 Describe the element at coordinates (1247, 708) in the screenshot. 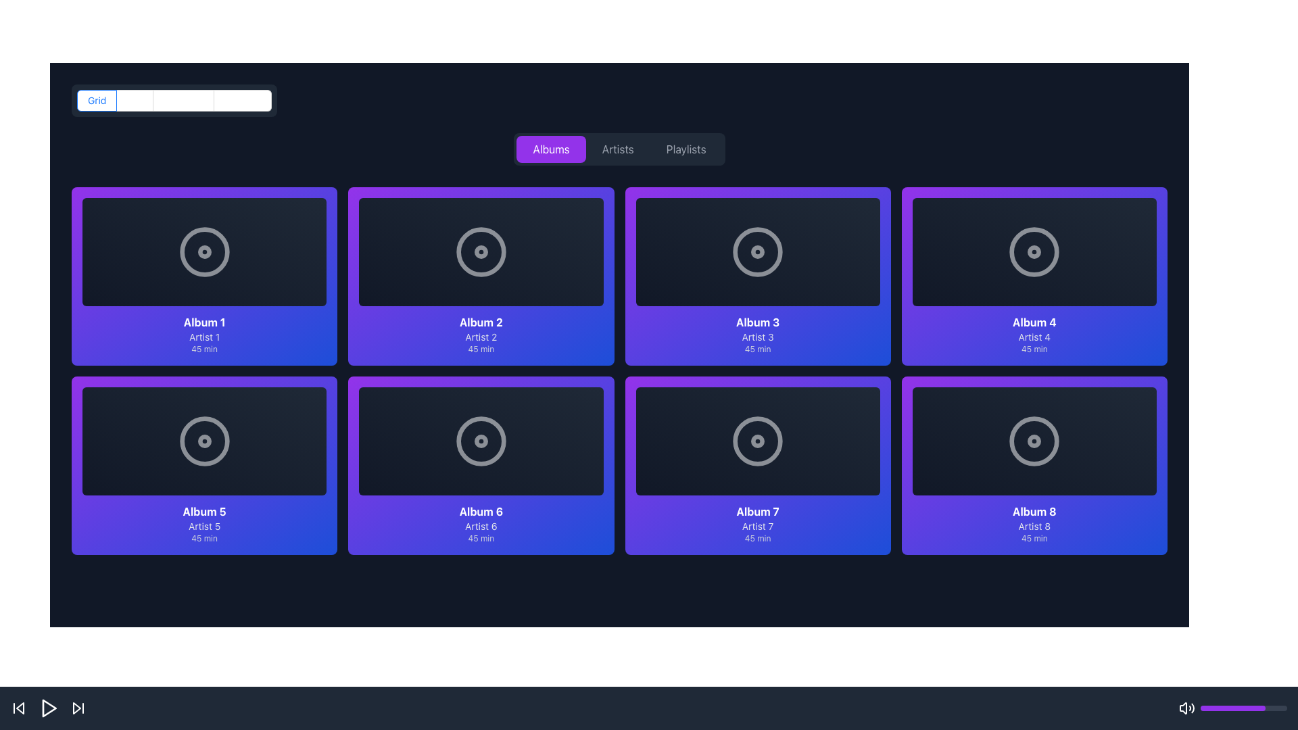

I see `the slider value` at that location.